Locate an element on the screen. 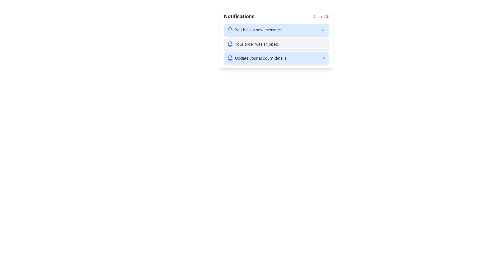 This screenshot has width=484, height=272. the bell icon that serves as a notification indicator, positioned to the left of the text 'Update your account details.' within the notification card is located at coordinates (230, 58).